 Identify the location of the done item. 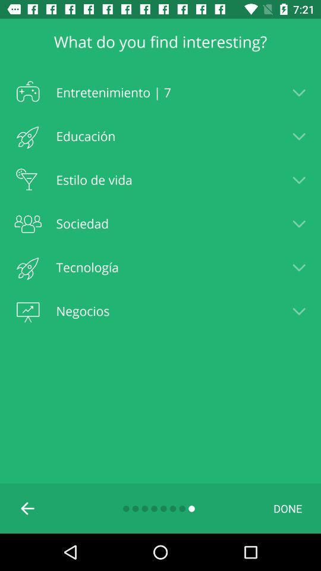
(287, 507).